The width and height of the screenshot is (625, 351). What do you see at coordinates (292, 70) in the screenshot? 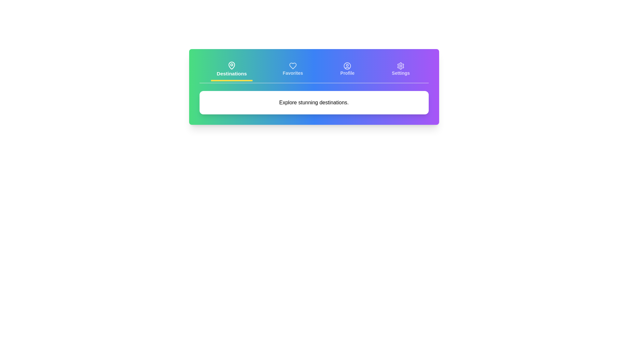
I see `the tab labeled Favorites to navigate to its content` at bounding box center [292, 70].